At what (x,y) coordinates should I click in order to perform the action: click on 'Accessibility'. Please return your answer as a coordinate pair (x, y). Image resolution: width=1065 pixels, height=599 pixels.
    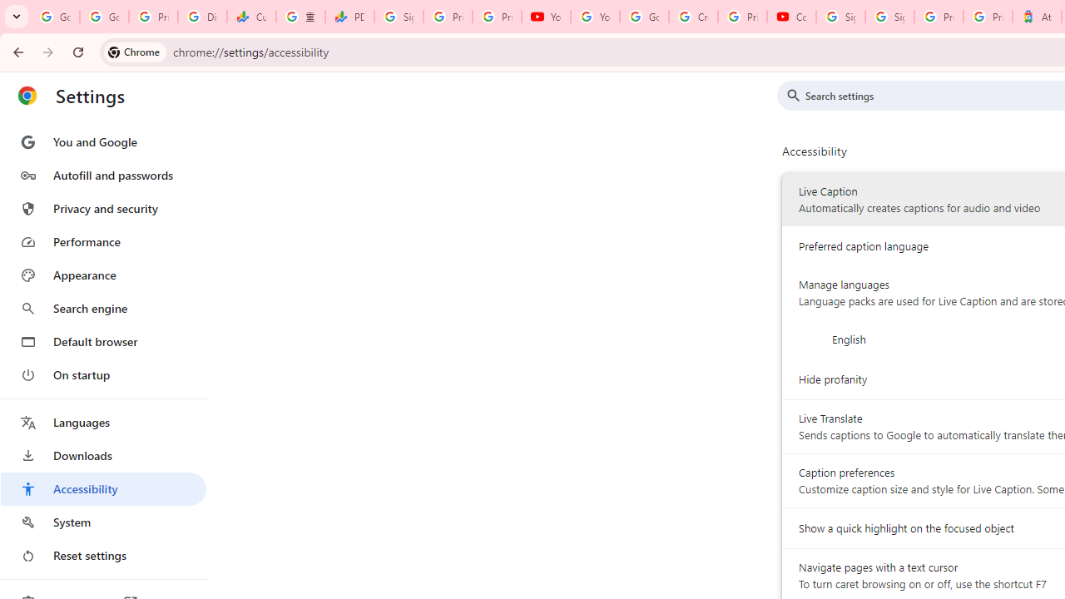
    Looking at the image, I should click on (102, 488).